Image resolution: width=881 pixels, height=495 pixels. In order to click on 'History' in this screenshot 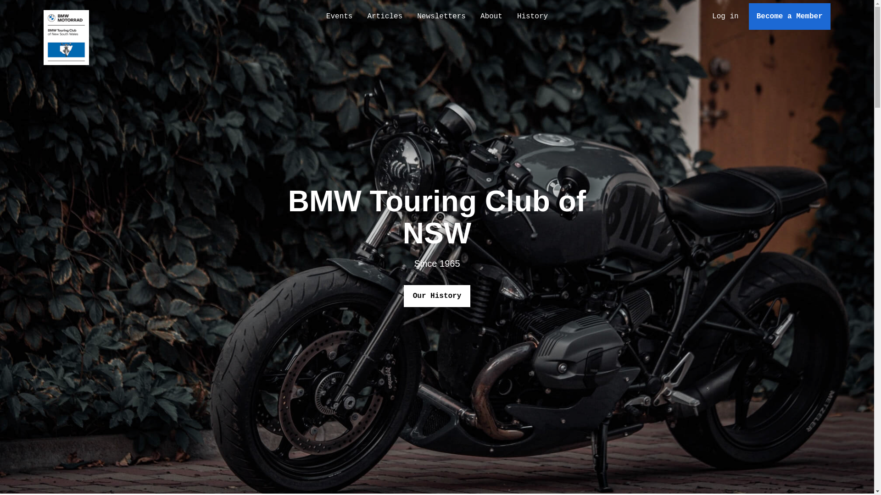, I will do `click(509, 16)`.